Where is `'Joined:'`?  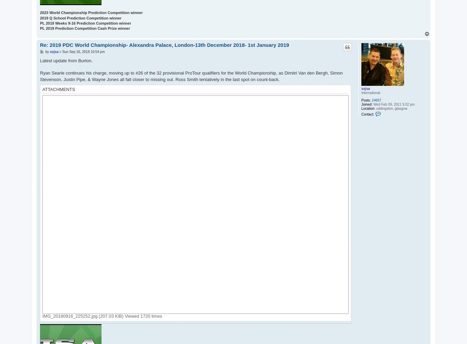
'Joined:' is located at coordinates (366, 104).